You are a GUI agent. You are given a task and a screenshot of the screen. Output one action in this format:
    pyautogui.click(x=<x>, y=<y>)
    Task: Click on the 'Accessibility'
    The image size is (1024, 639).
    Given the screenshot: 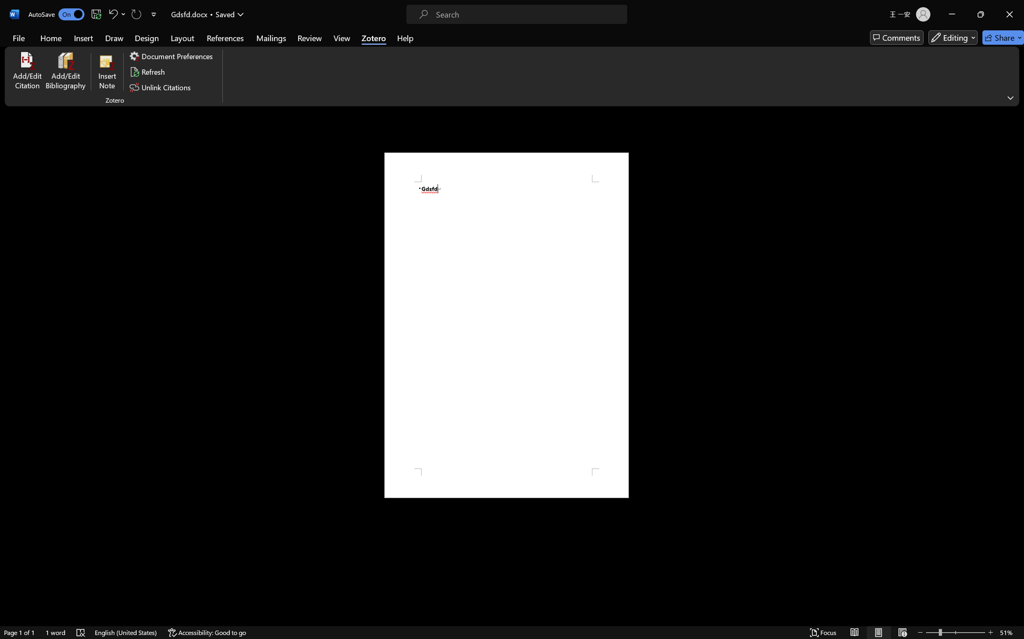 What is the action you would take?
    pyautogui.click(x=1016, y=115)
    